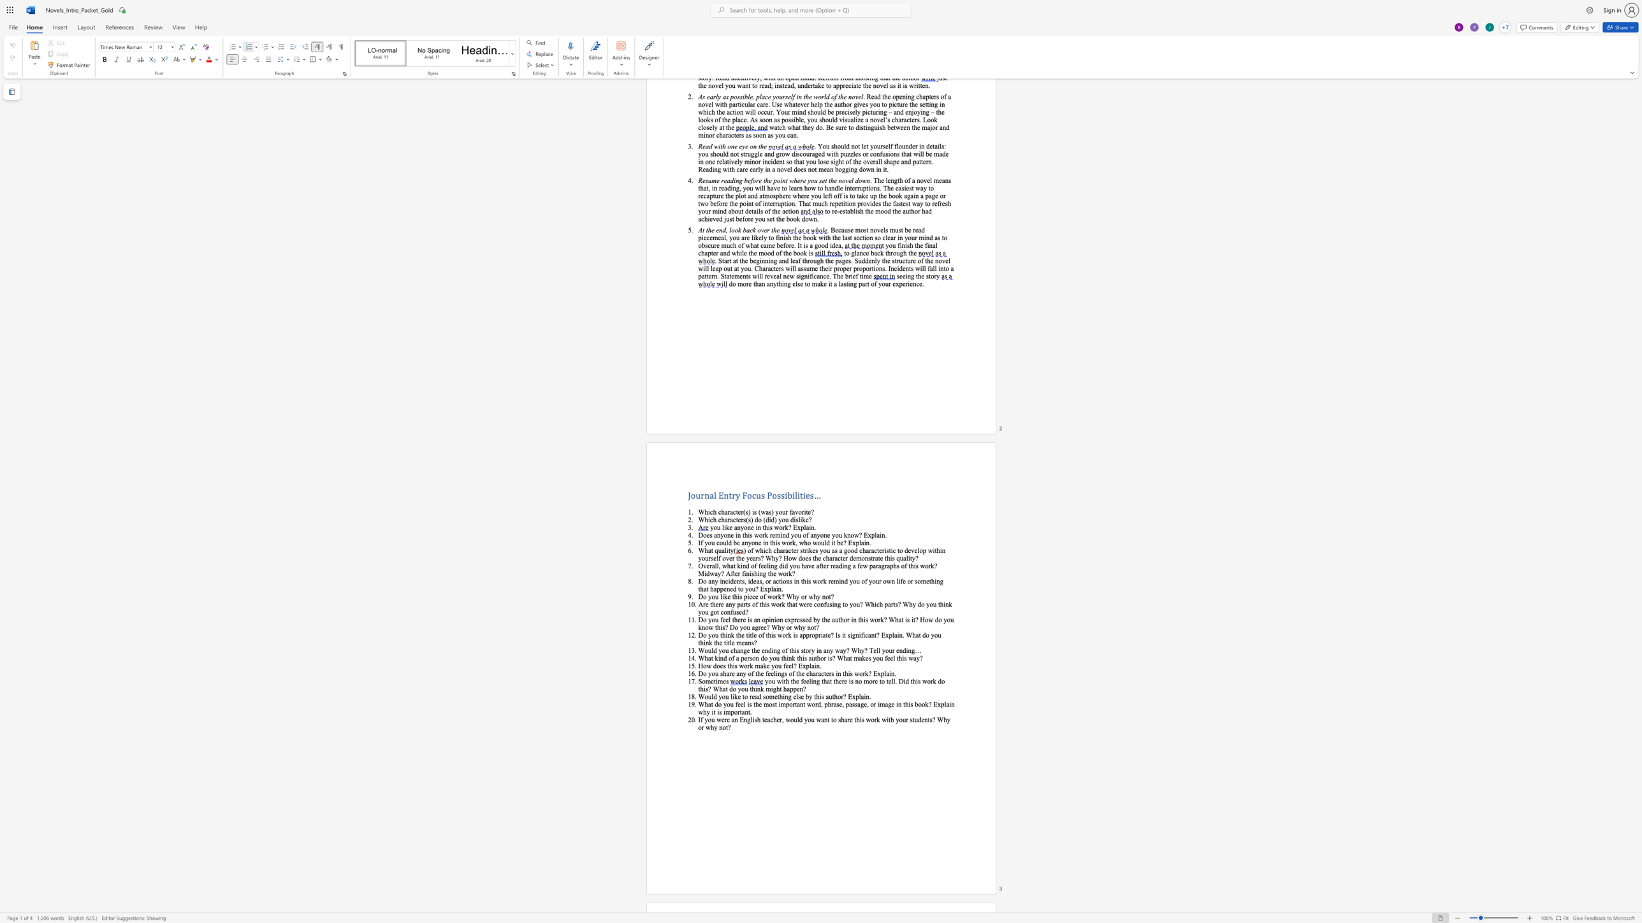  I want to click on the space between the continuous character "F" and "o" in the text, so click(746, 494).